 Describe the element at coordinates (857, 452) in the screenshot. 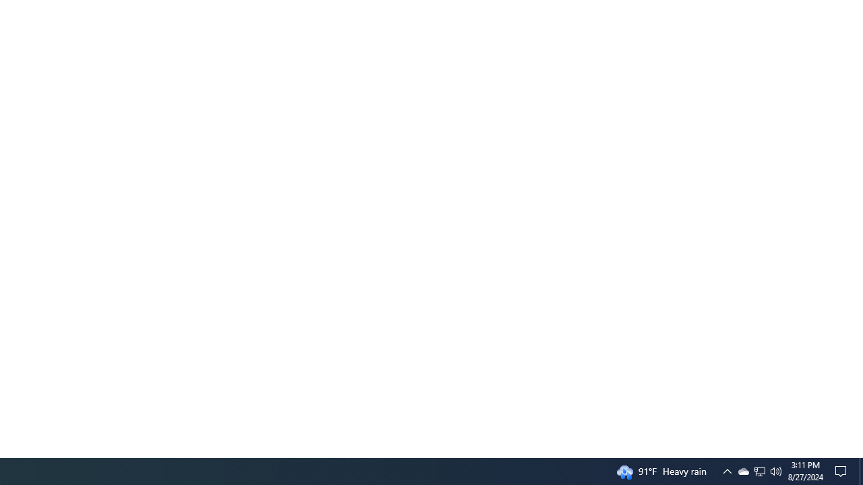

I see `'Vertical Small Increase'` at that location.